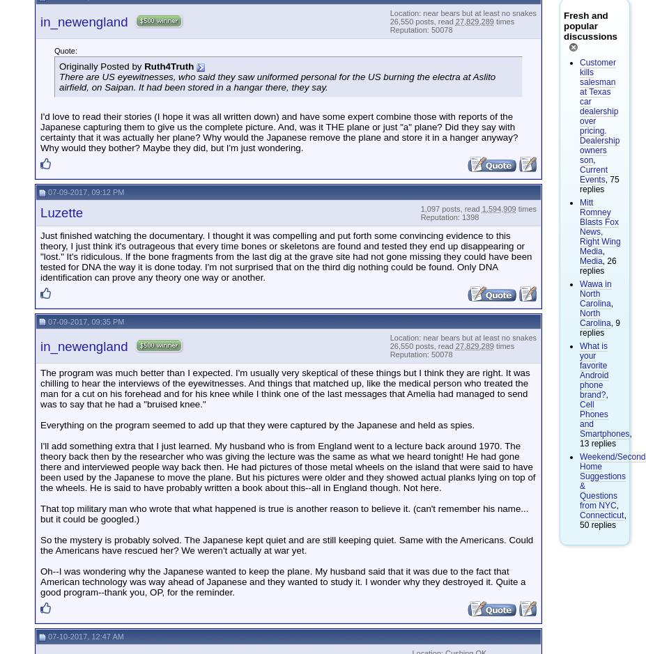 The height and width of the screenshot is (654, 646). What do you see at coordinates (579, 292) in the screenshot?
I see `'Wawa in North Carolina'` at bounding box center [579, 292].